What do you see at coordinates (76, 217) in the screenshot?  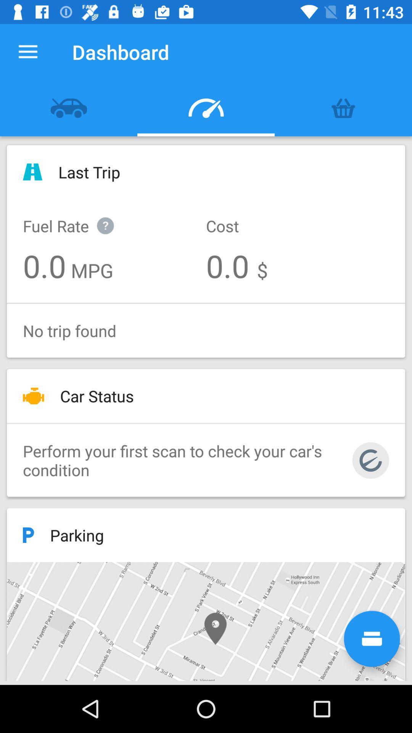 I see `icon above 0.0 mpg item` at bounding box center [76, 217].